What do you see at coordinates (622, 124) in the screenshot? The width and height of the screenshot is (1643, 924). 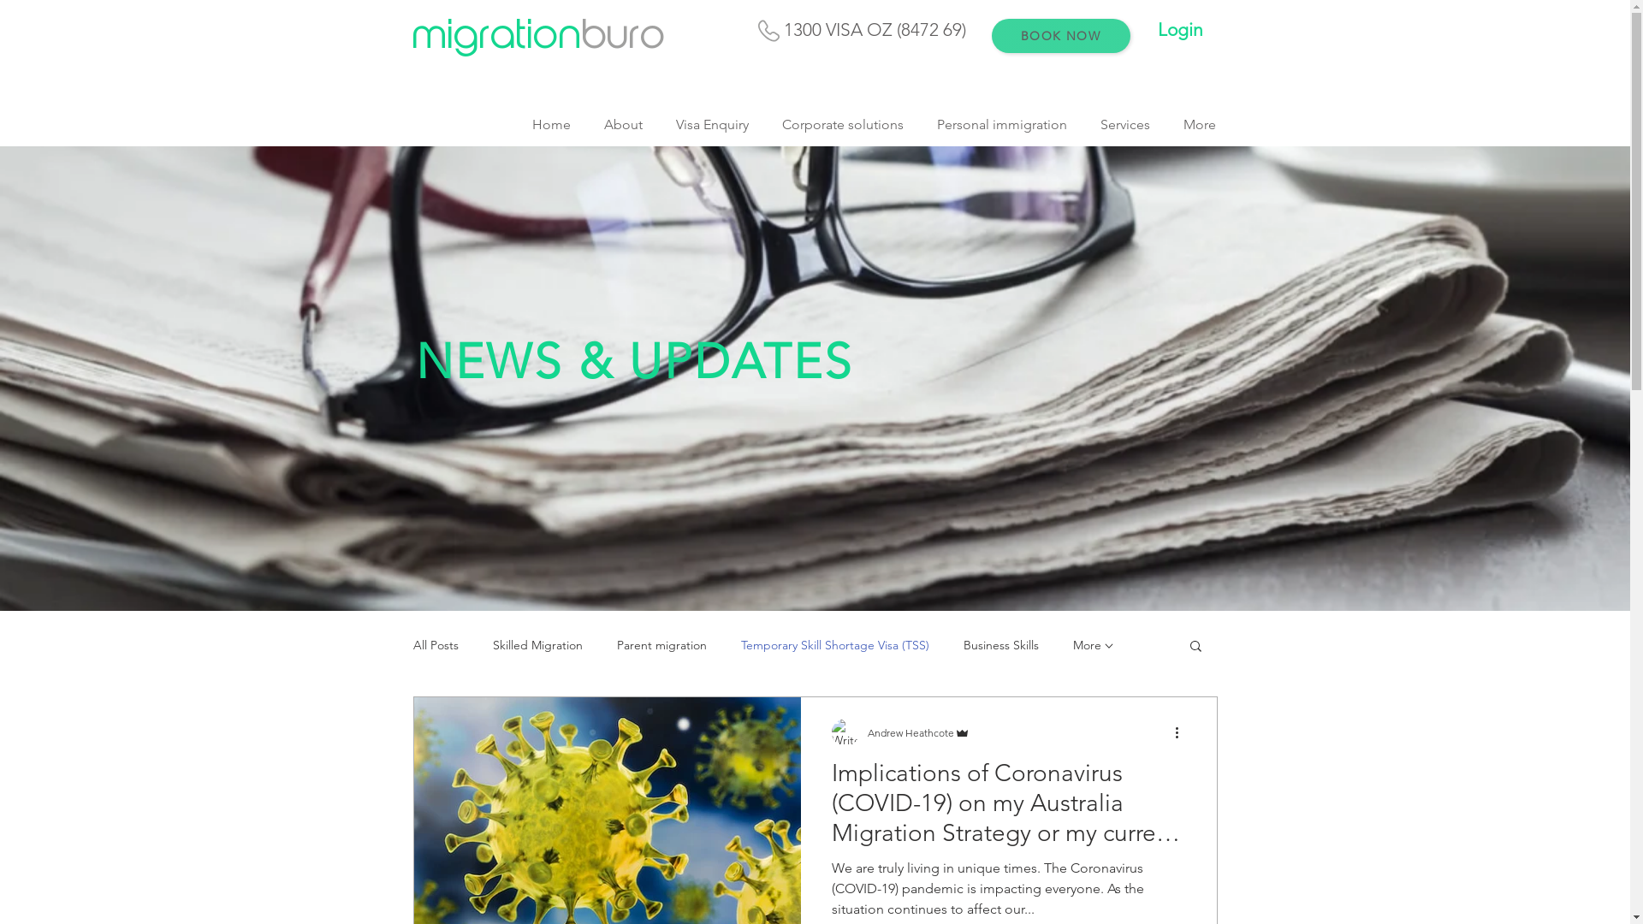 I see `'About'` at bounding box center [622, 124].